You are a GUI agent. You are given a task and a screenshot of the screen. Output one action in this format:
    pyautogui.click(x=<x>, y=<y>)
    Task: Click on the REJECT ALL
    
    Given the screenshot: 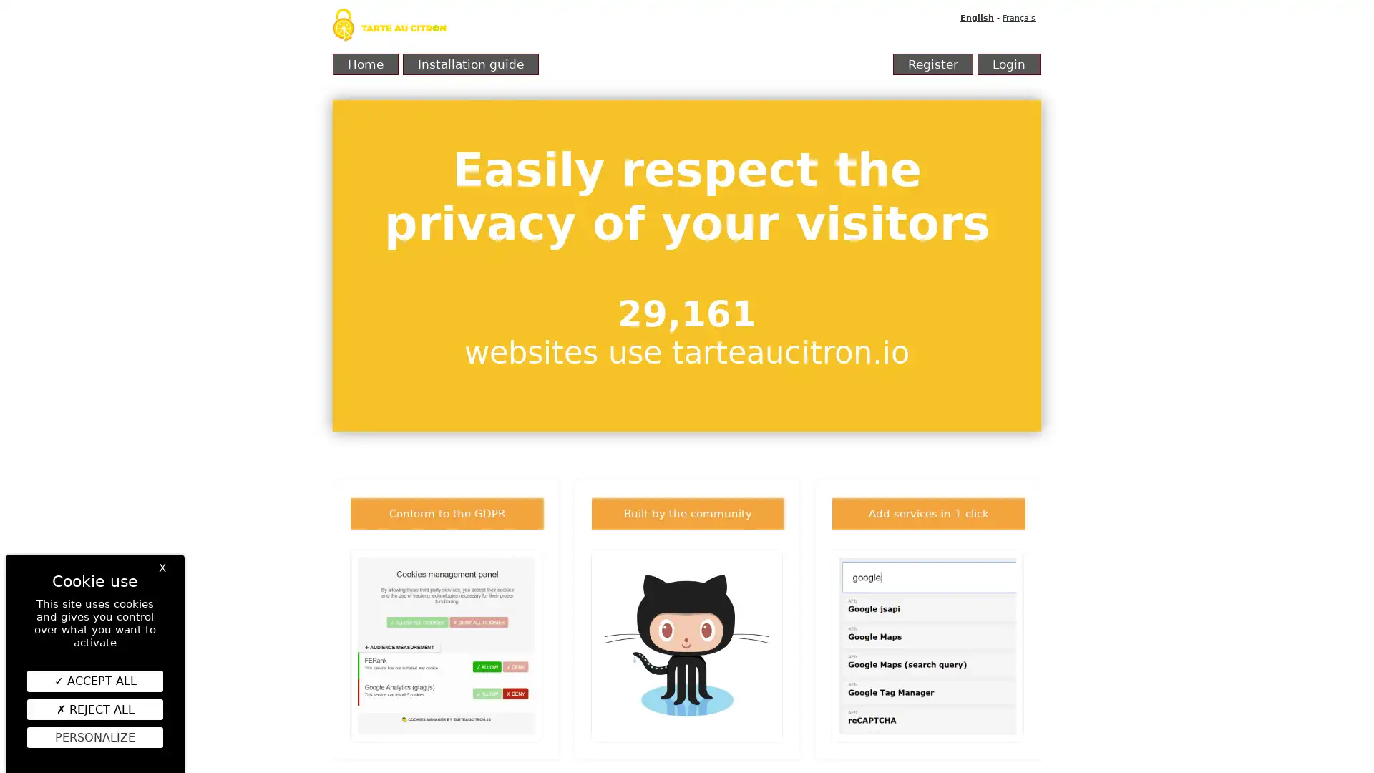 What is the action you would take?
    pyautogui.click(x=94, y=709)
    